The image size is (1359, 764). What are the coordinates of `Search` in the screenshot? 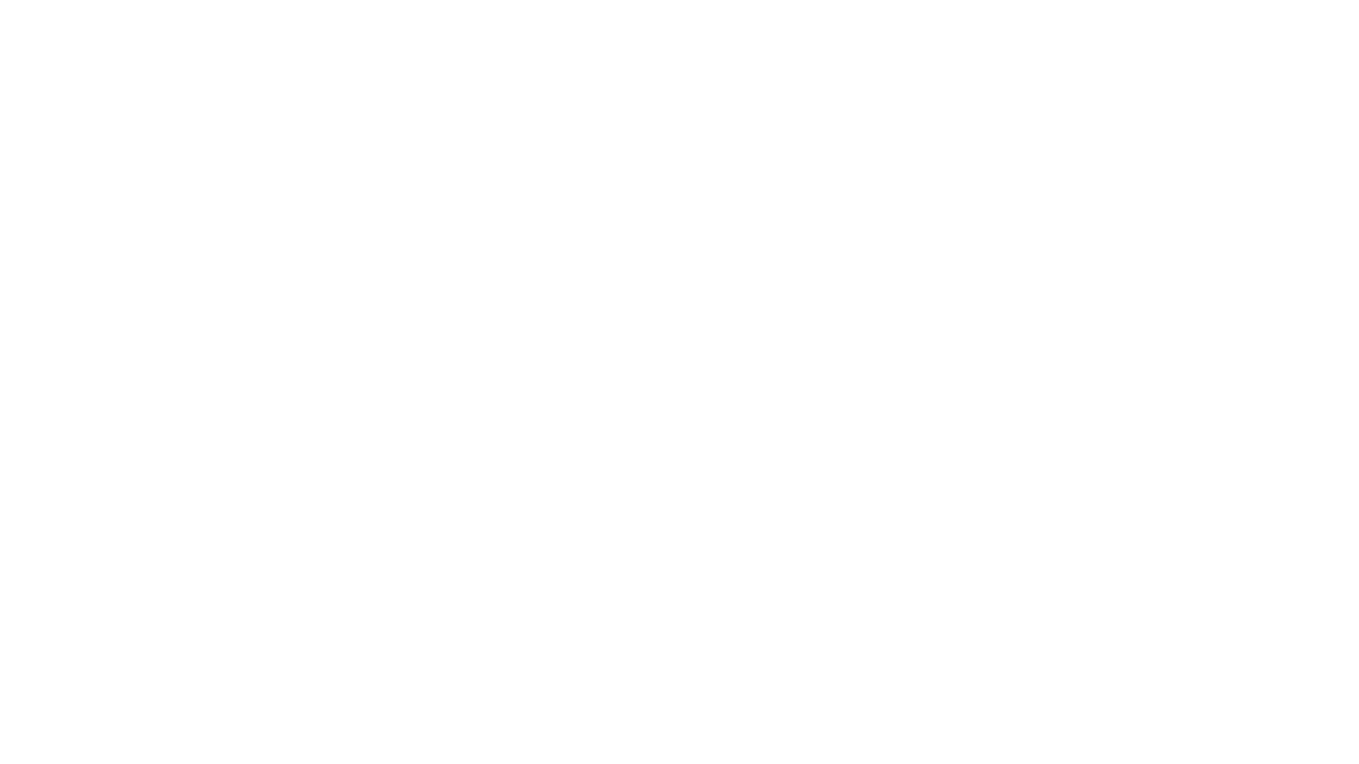 It's located at (974, 433).